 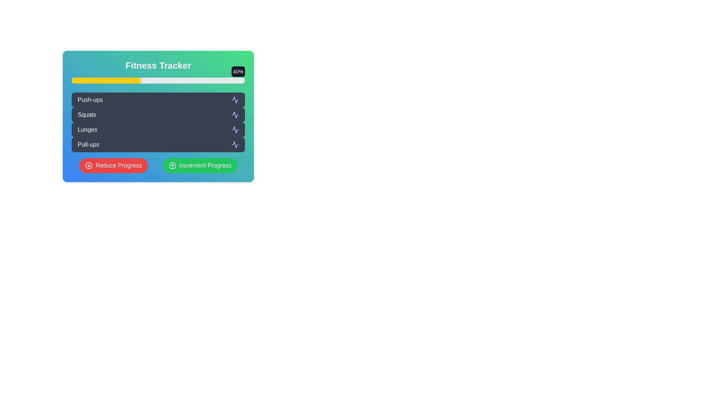 What do you see at coordinates (158, 115) in the screenshot?
I see `the 'Squats' list item in the fitness tracker, which is the second item in a vertical list of exercise components` at bounding box center [158, 115].